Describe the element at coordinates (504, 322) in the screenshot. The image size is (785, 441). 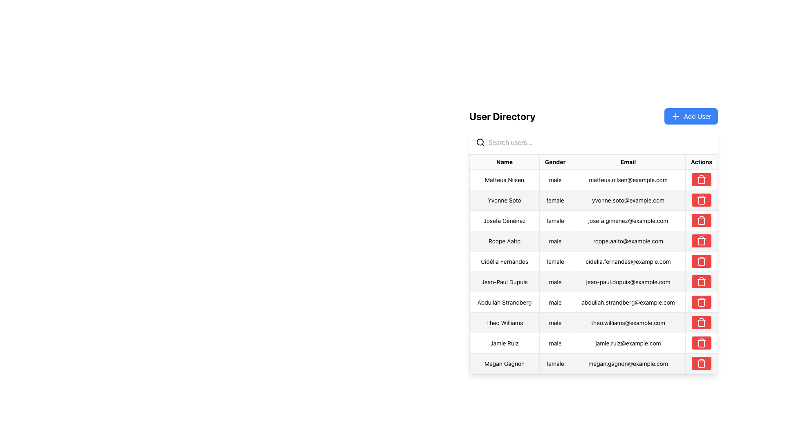
I see `the user name label in the user directory, which is positioned in the first column of the eighth row of the table` at that location.